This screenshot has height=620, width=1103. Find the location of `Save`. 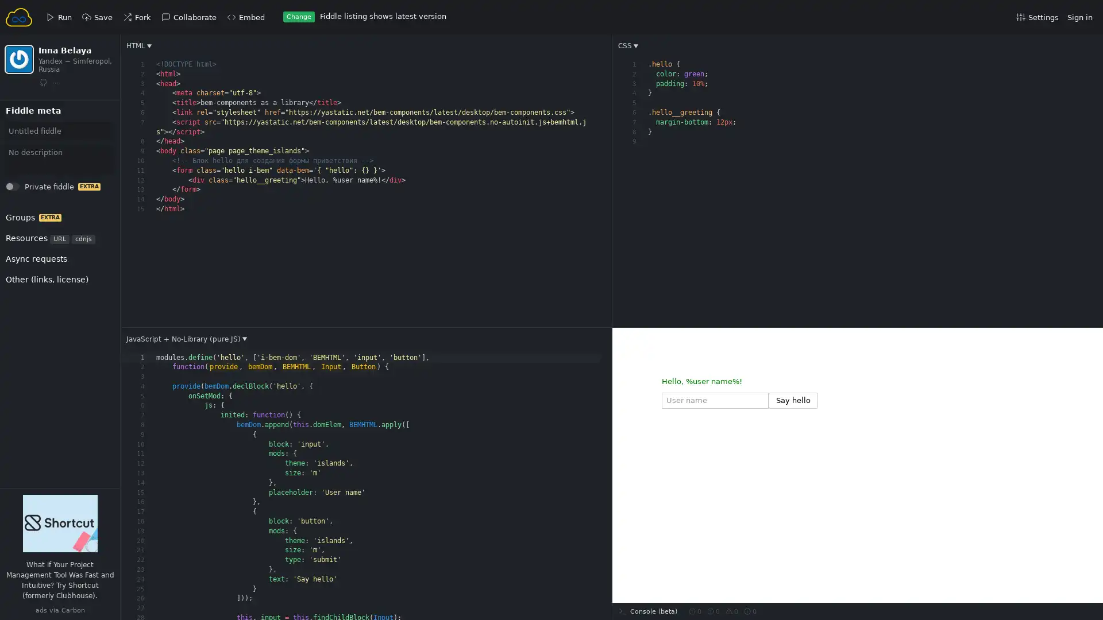

Save is located at coordinates (24, 123).